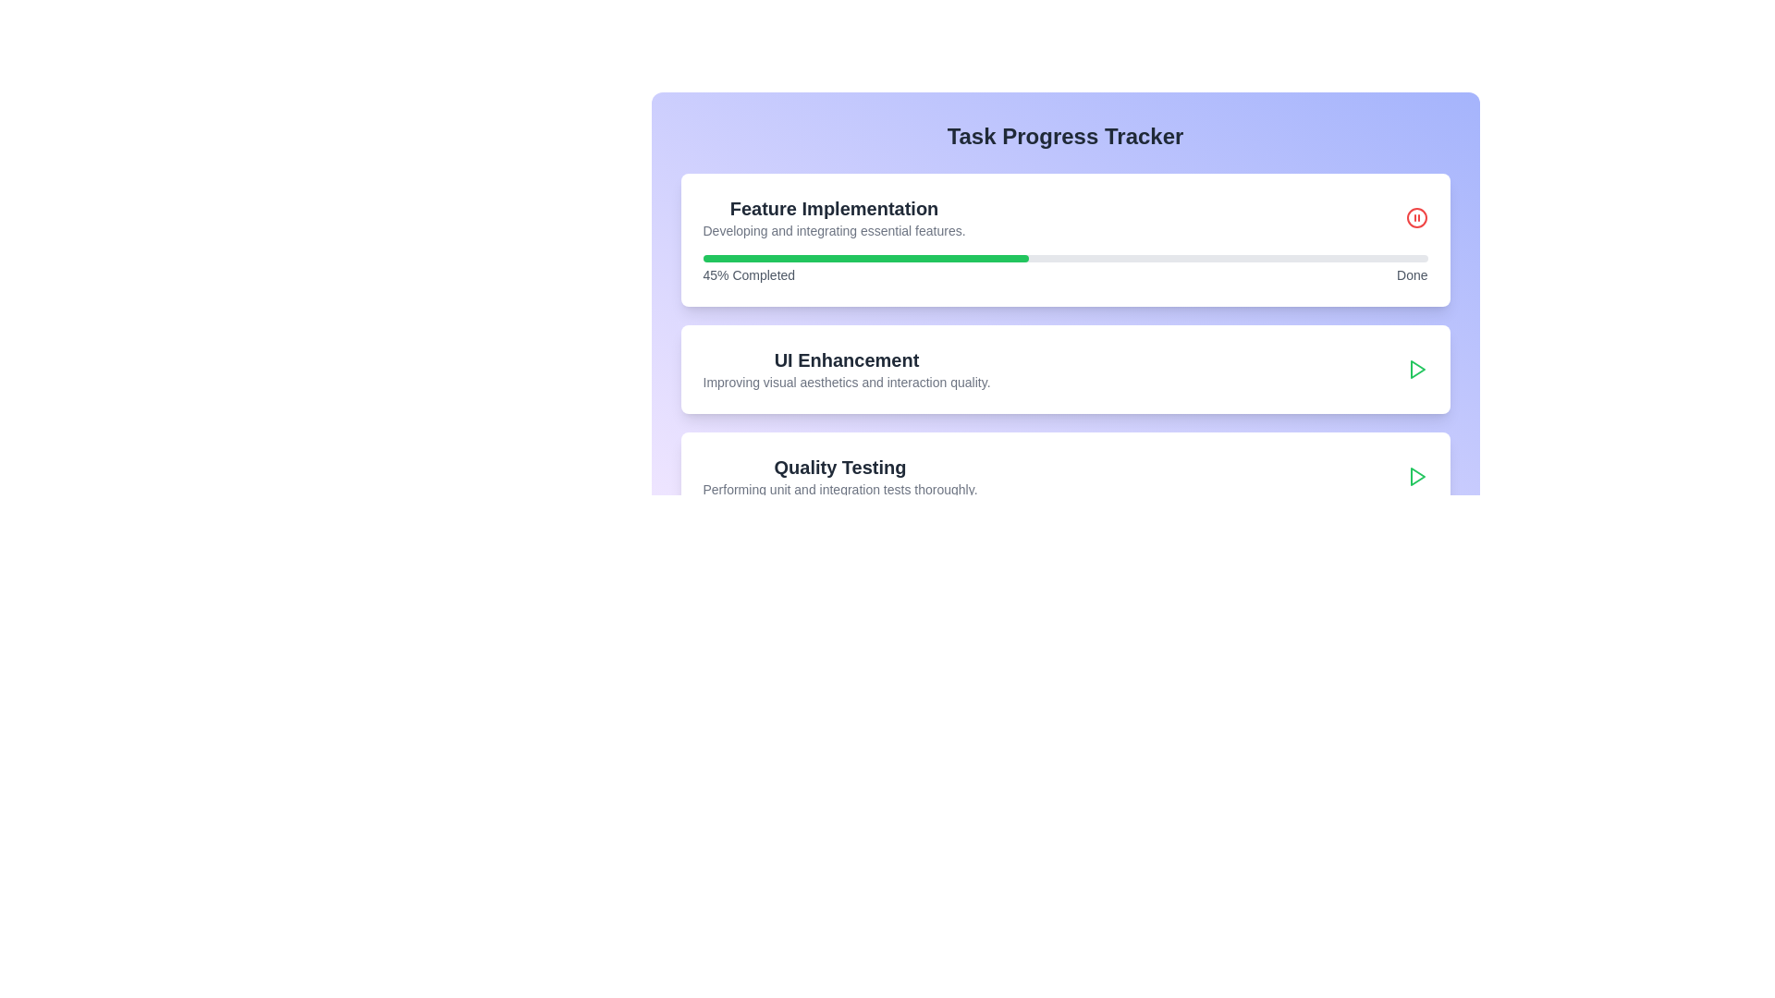 Image resolution: width=1775 pixels, height=998 pixels. What do you see at coordinates (1415, 216) in the screenshot?
I see `the central circular feature of the pause button icon, which is filled with red color and located in the top task card of the list` at bounding box center [1415, 216].